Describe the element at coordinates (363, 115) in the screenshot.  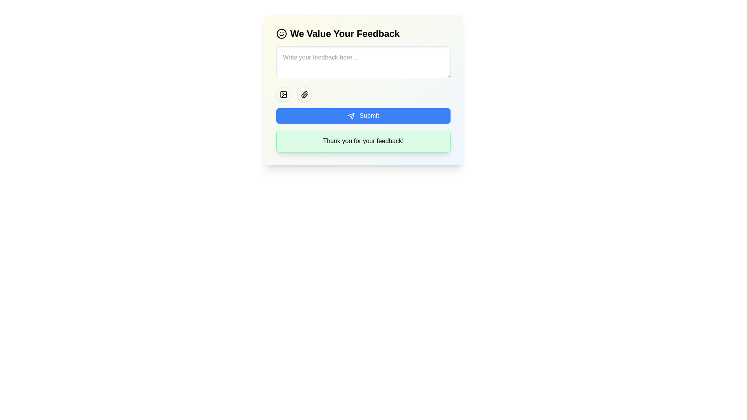
I see `the 'Submit' button, which is a rectangular button with rounded corners, blue background, and white text, located below the feedback input field` at that location.